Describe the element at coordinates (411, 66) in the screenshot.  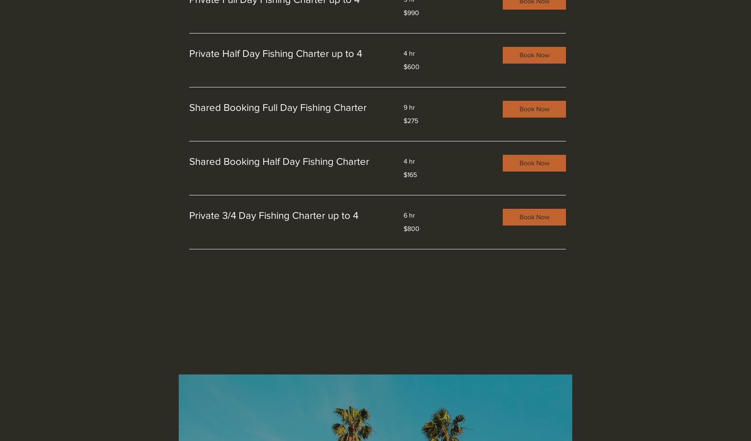
I see `'$600'` at that location.